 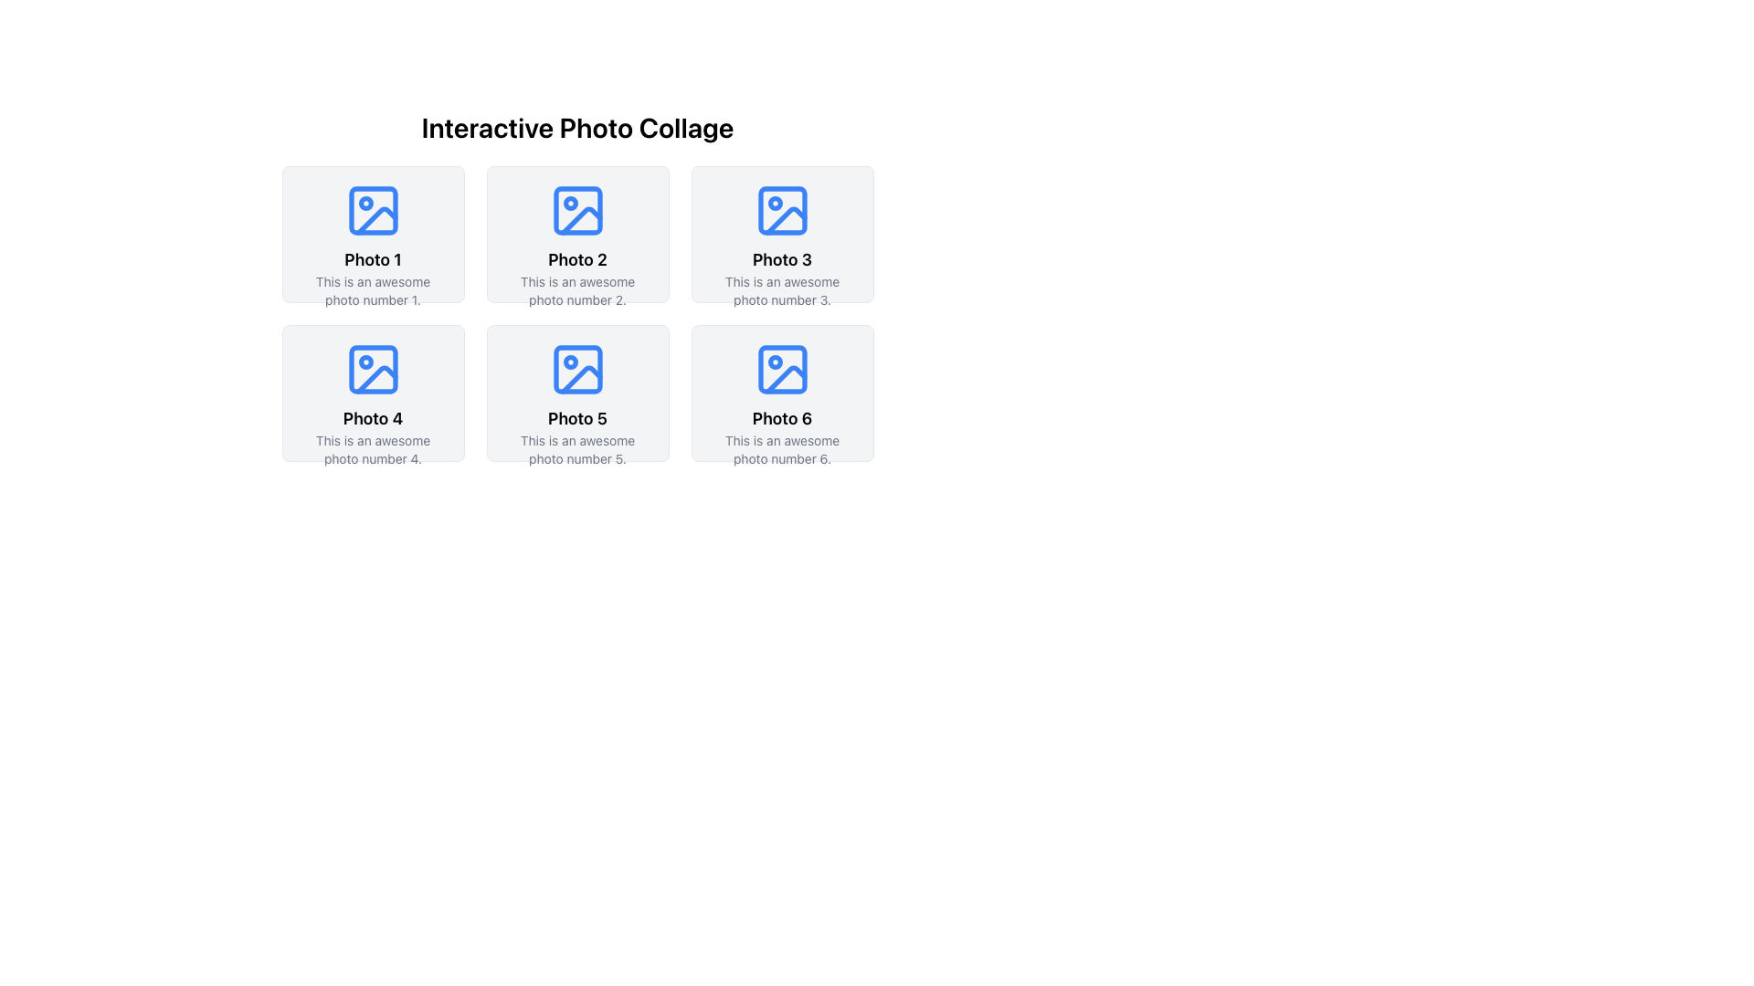 What do you see at coordinates (372, 210) in the screenshot?
I see `the graphical decorative element located in the top-left corner of the first image frame within the photo collage interface` at bounding box center [372, 210].